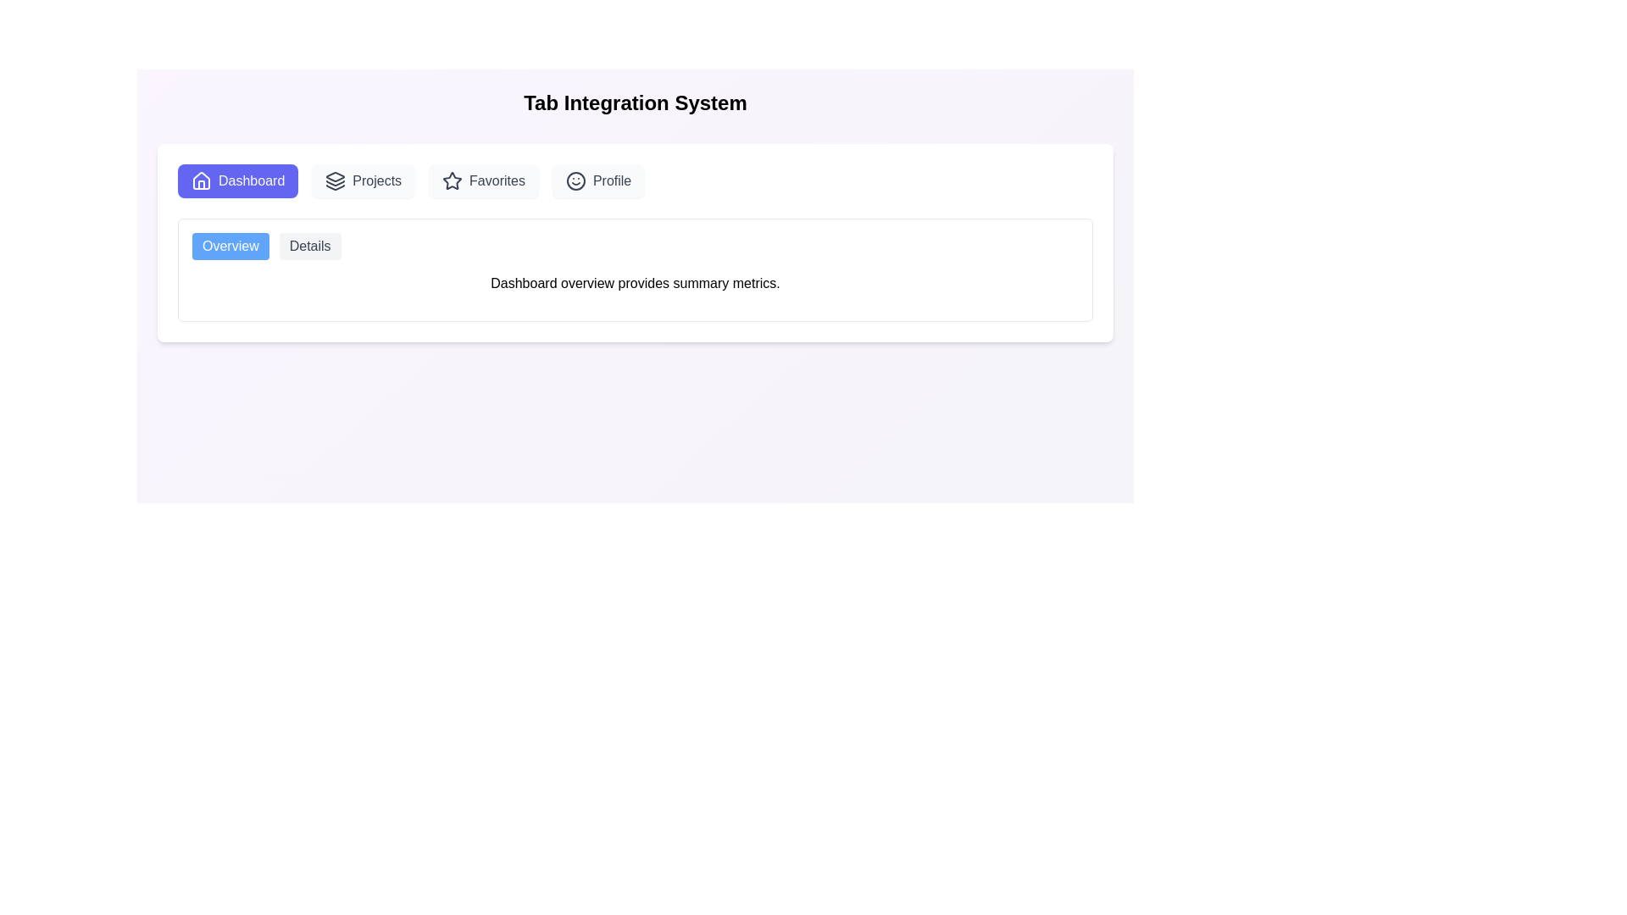 The image size is (1627, 915). Describe the element at coordinates (453, 180) in the screenshot. I see `the star-shaped icon with a hollow interior and dark outline within the 'Favorites' button in the top navigation bar` at that location.